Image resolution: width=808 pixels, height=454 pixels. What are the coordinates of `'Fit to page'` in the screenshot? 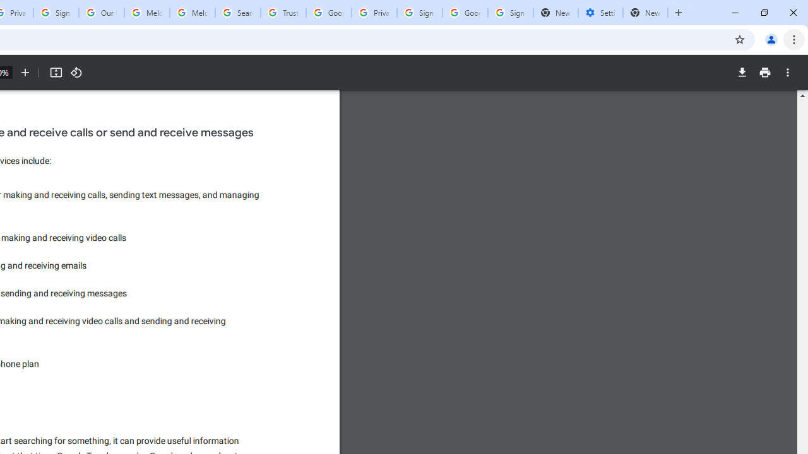 It's located at (55, 73).